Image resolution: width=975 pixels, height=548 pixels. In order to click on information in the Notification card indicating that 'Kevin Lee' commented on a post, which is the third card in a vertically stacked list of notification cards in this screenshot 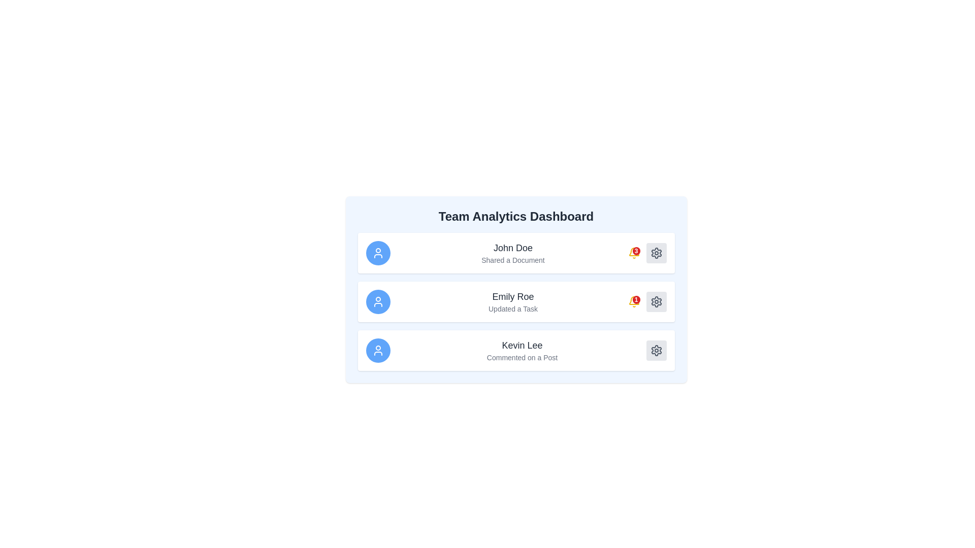, I will do `click(516, 350)`.